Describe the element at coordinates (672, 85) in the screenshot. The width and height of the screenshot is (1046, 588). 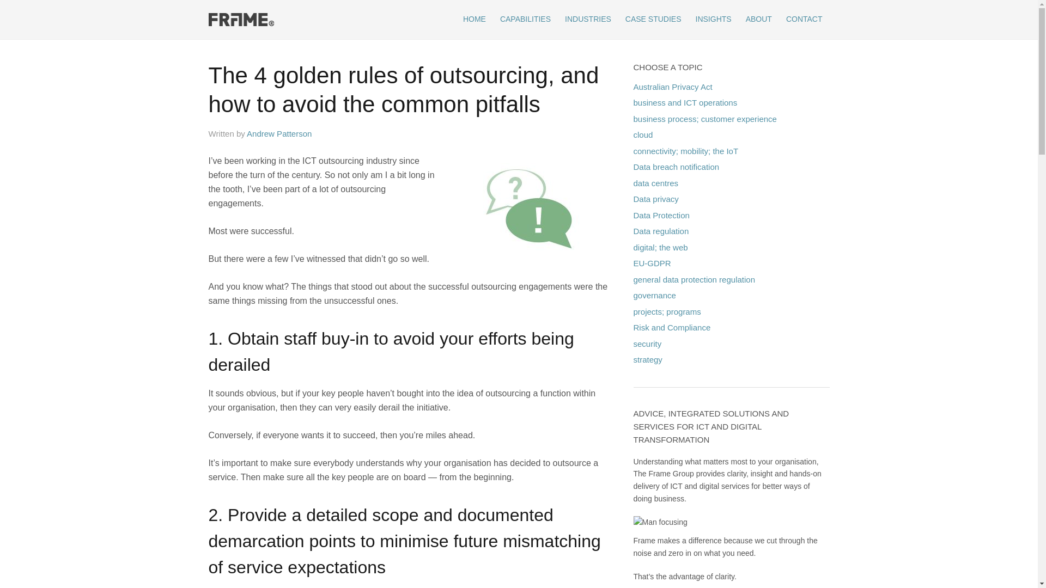
I see `'Australian Privacy Act'` at that location.